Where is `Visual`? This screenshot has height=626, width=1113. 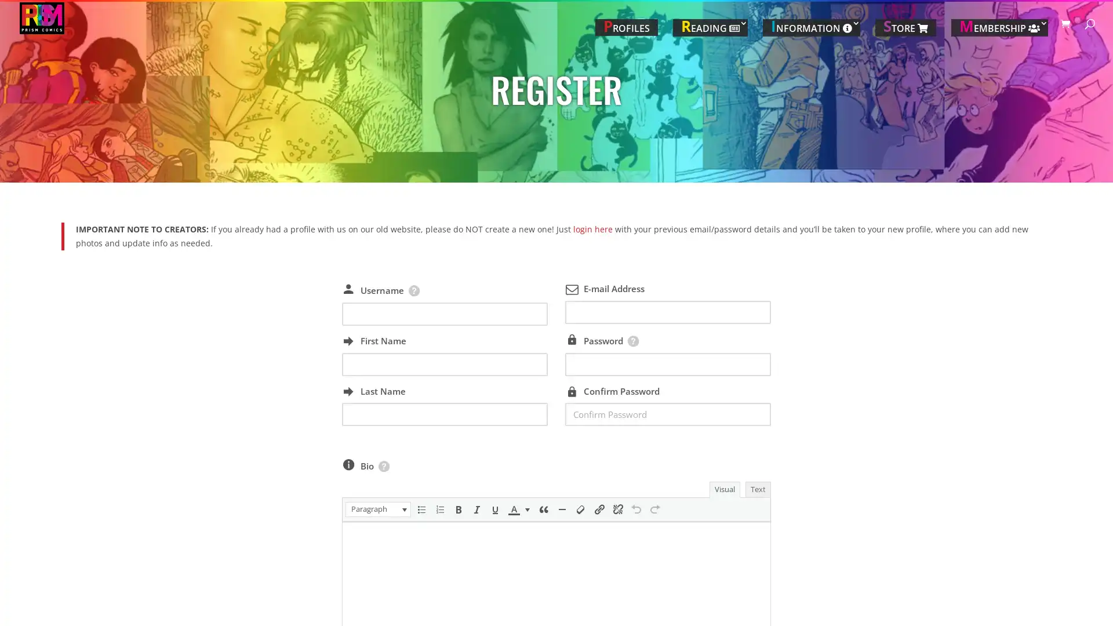
Visual is located at coordinates (723, 489).